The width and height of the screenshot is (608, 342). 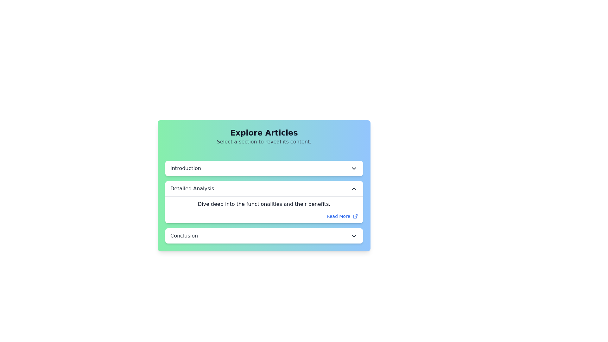 I want to click on the navigational text located at the bottom-right of the 'Detailed Analysis' section, so click(x=338, y=216).